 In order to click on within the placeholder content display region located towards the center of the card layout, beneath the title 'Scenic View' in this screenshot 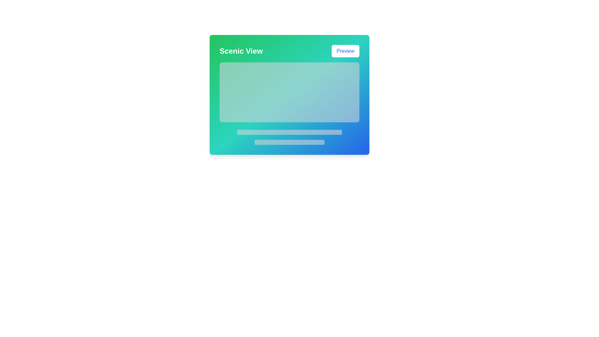, I will do `click(289, 103)`.